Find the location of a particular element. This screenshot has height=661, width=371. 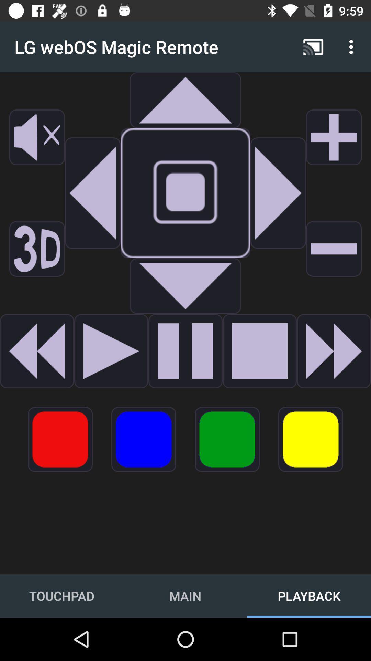

the arrow_backward icon is located at coordinates (93, 193).